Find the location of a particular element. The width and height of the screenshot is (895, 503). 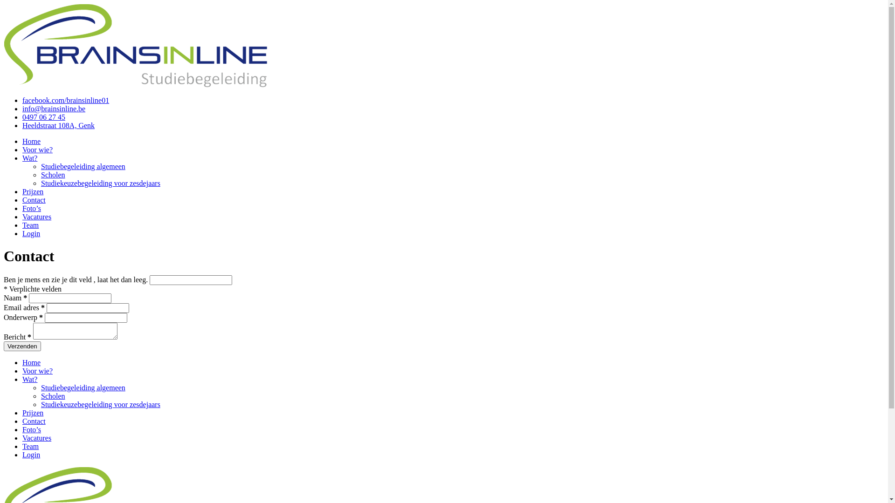

'Prijzen' is located at coordinates (22, 191).